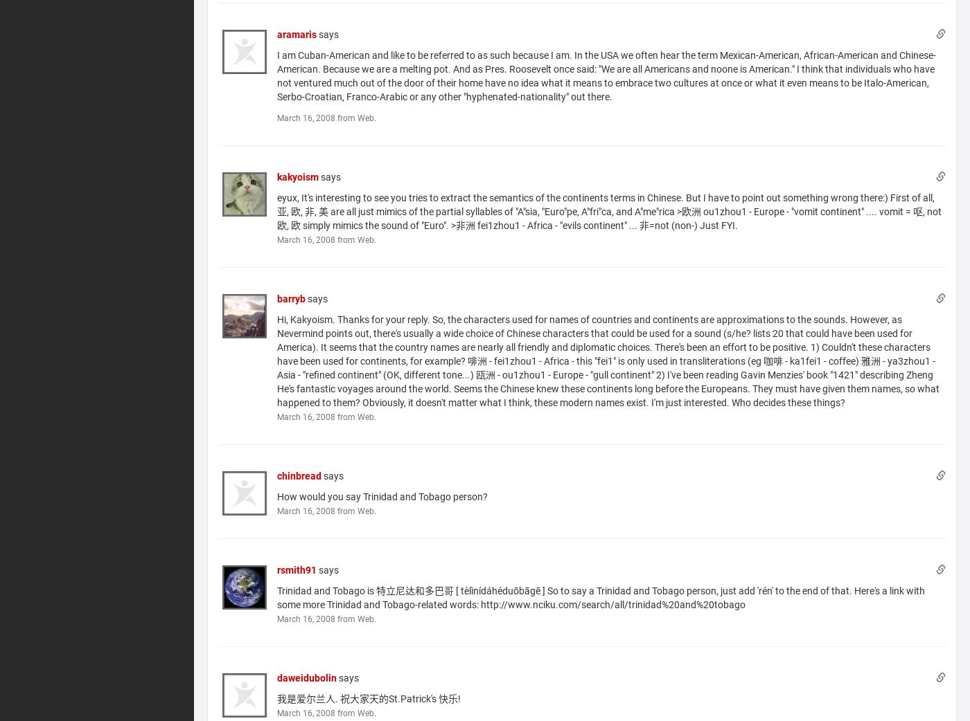  Describe the element at coordinates (369, 697) in the screenshot. I see `'我是爱尔兰人. 祝大家天的St.Patrick's 快乐!'` at that location.